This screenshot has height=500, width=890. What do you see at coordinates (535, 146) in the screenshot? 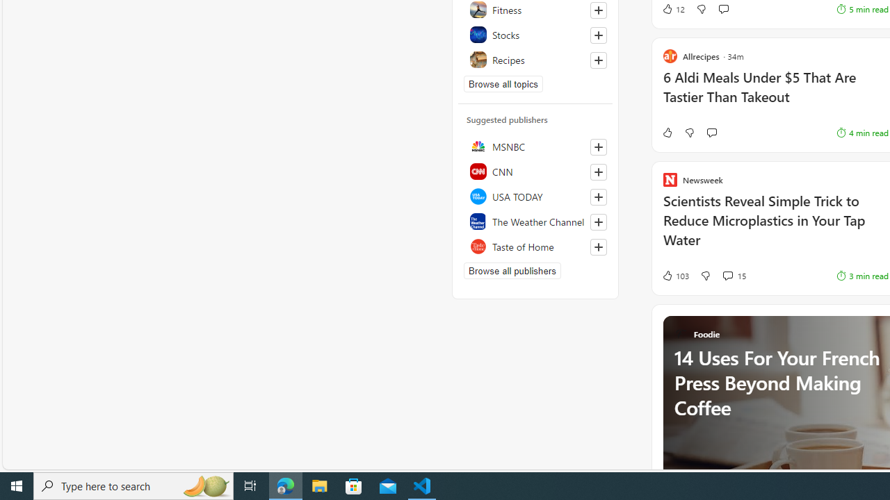
I see `'MSNBC'` at bounding box center [535, 146].